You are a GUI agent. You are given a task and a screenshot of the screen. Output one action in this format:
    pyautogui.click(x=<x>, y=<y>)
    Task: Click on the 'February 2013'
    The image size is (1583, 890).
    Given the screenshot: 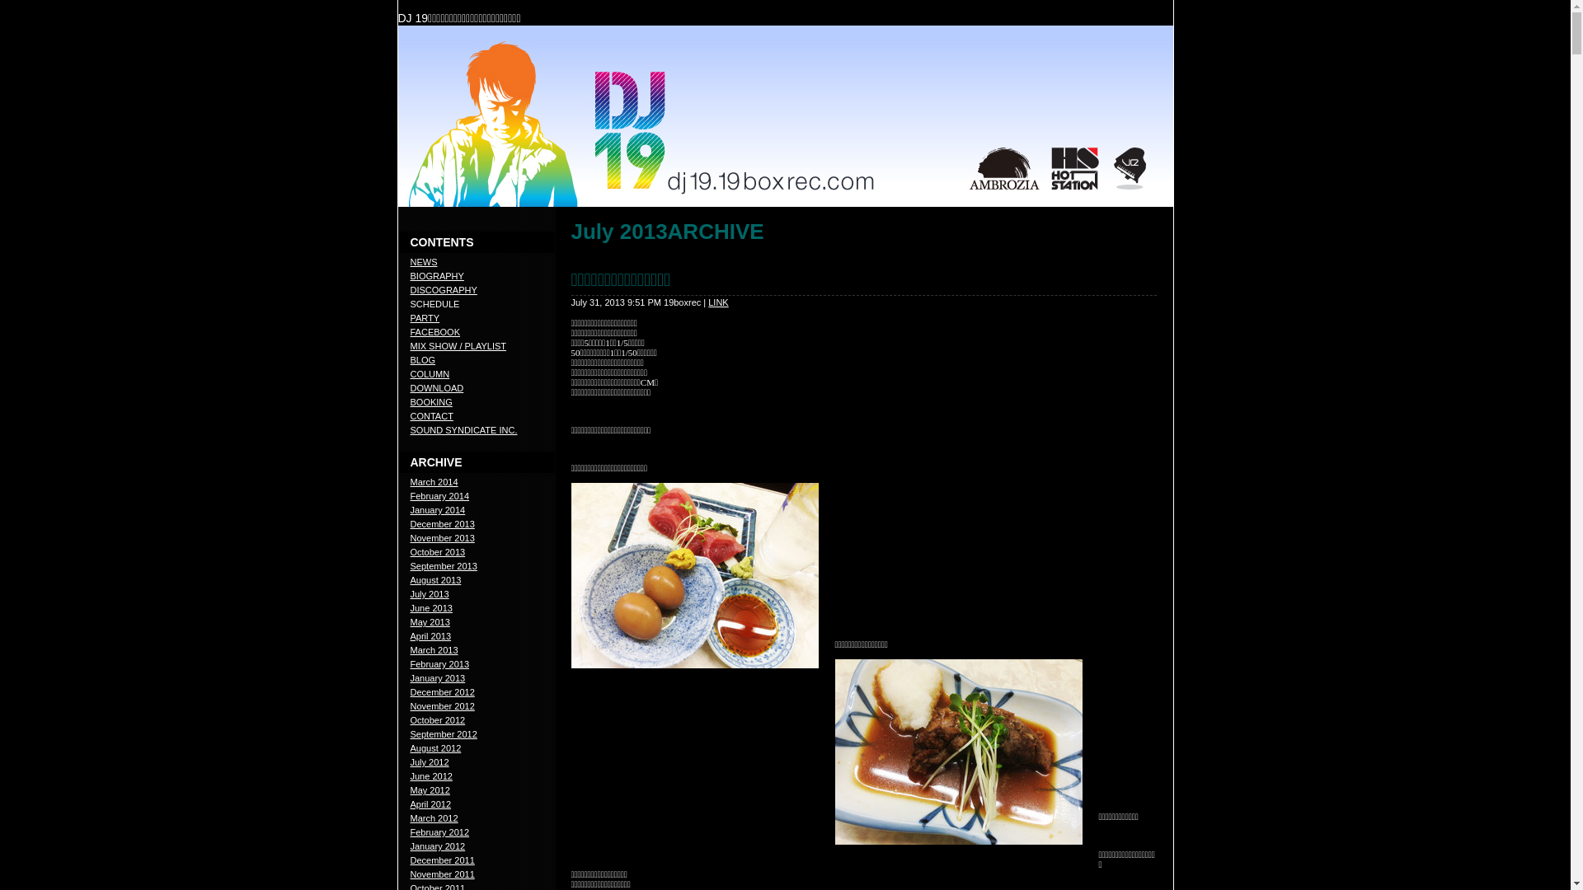 What is the action you would take?
    pyautogui.click(x=411, y=663)
    